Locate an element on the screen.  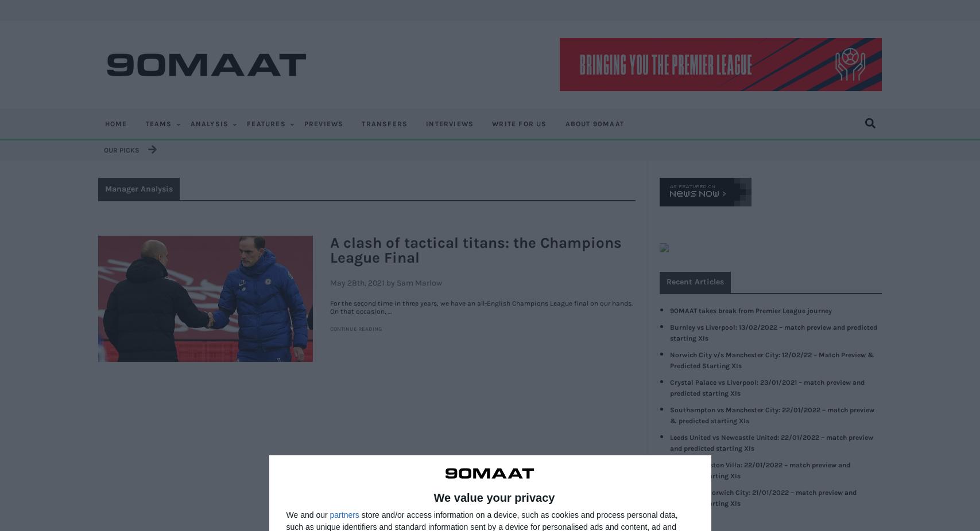
'ABOUT 90MAAT' is located at coordinates (593, 123).